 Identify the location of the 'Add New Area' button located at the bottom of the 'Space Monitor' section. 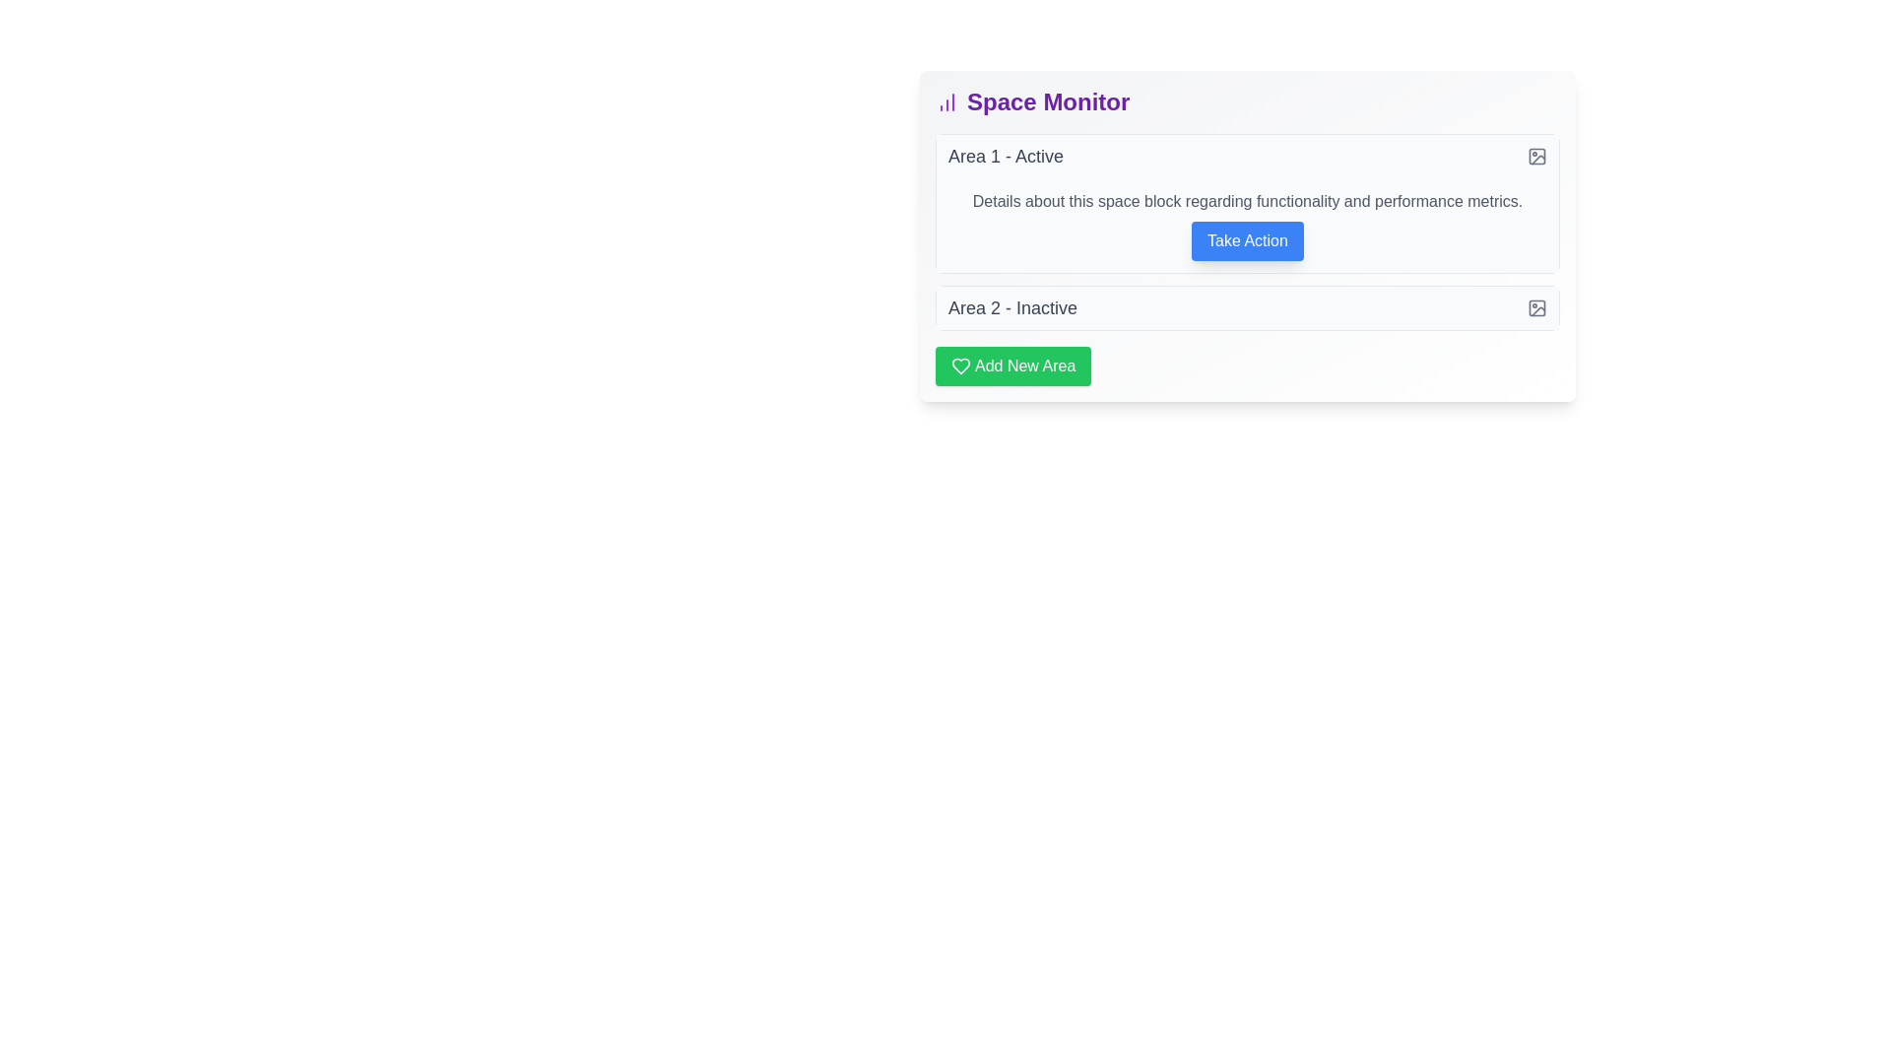
(1012, 366).